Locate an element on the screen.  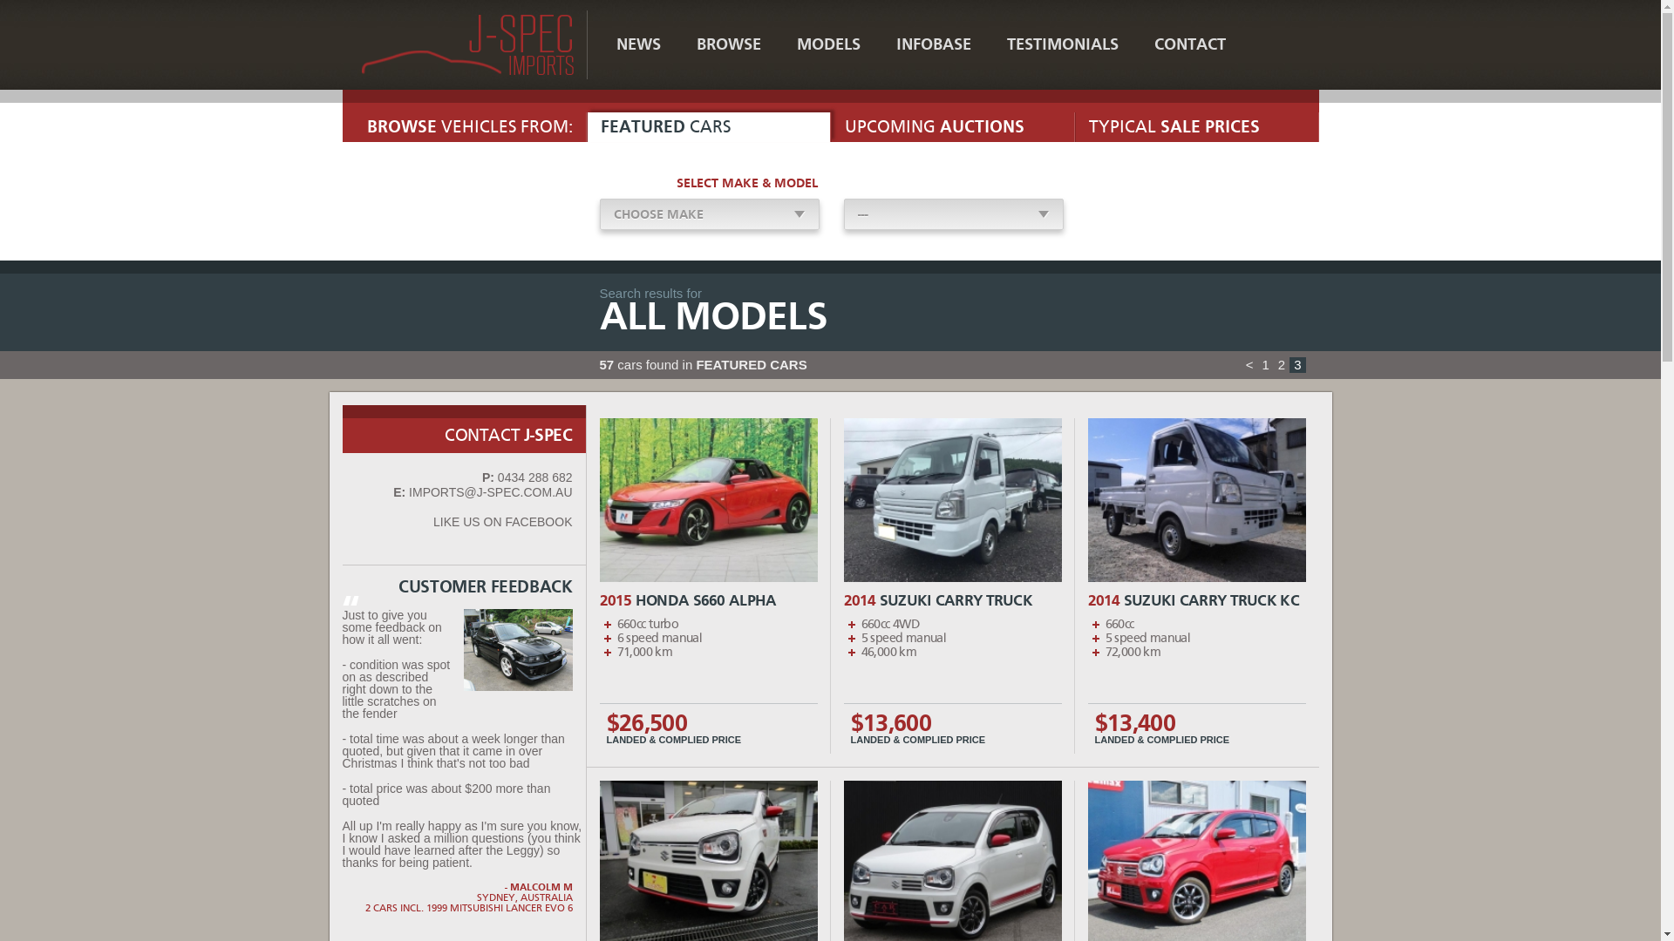
'2' is located at coordinates (1281, 364).